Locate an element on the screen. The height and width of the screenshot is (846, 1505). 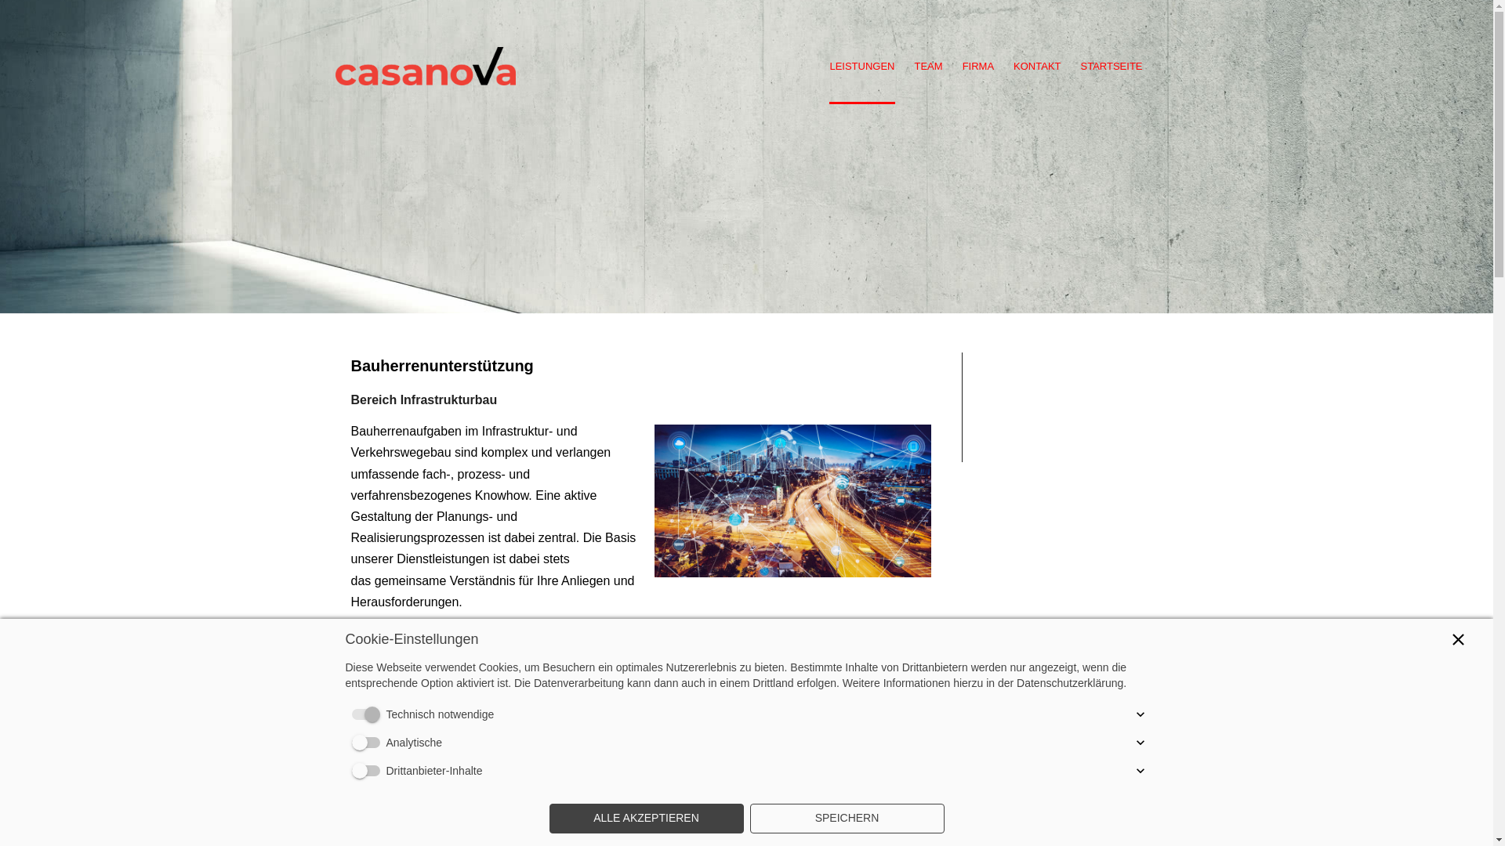
'ALLE AKZEPTIEREN' is located at coordinates (646, 818).